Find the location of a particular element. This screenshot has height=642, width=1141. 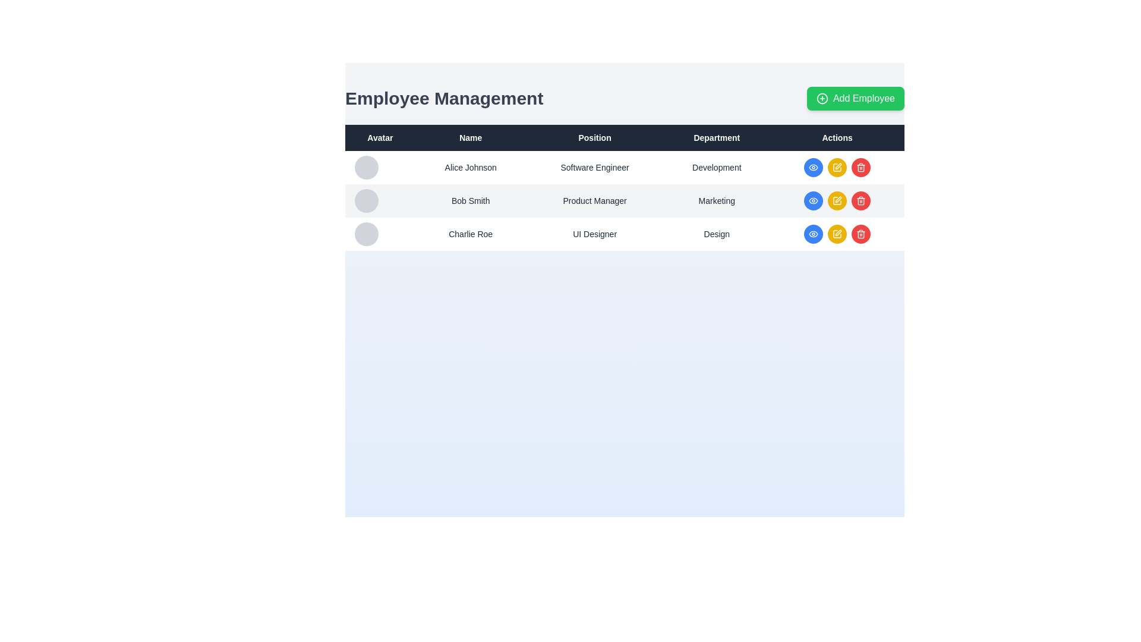

the blue circular button with a white eye icon located in the 'Actions' section corresponding to 'Charlie Roe' by tabbing for keyboard navigation is located at coordinates (812, 234).